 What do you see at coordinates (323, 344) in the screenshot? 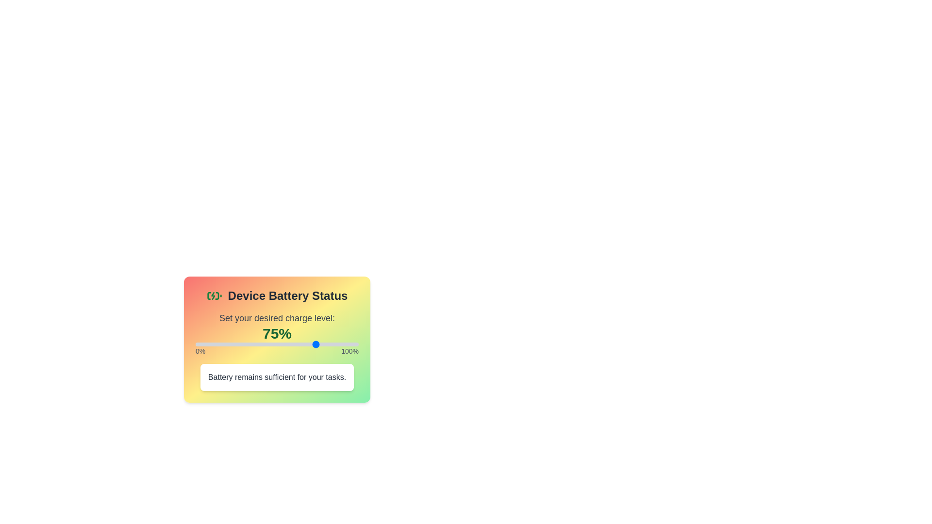
I see `the slider to 78% by dragging or clicking` at bounding box center [323, 344].